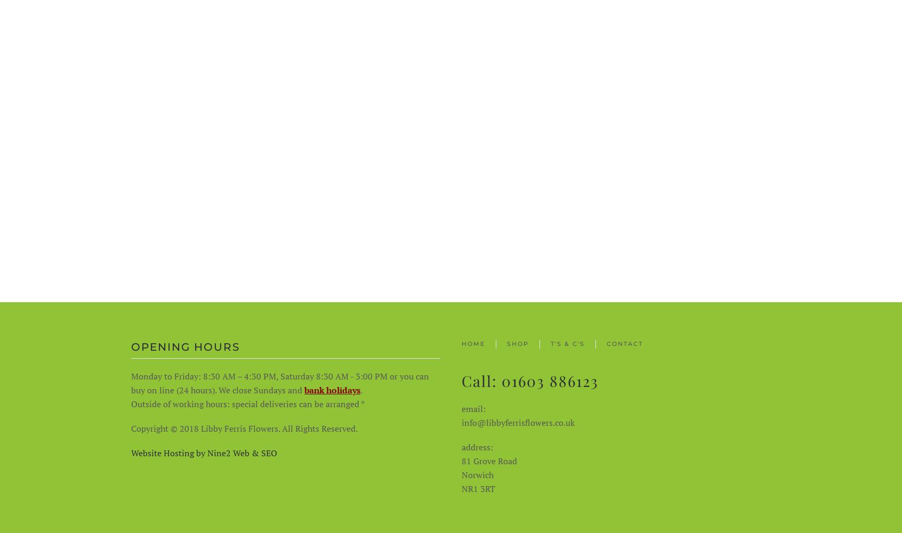 The width and height of the screenshot is (902, 533). Describe the element at coordinates (518, 423) in the screenshot. I see `'info@libbyferrisflowers.co.uk'` at that location.